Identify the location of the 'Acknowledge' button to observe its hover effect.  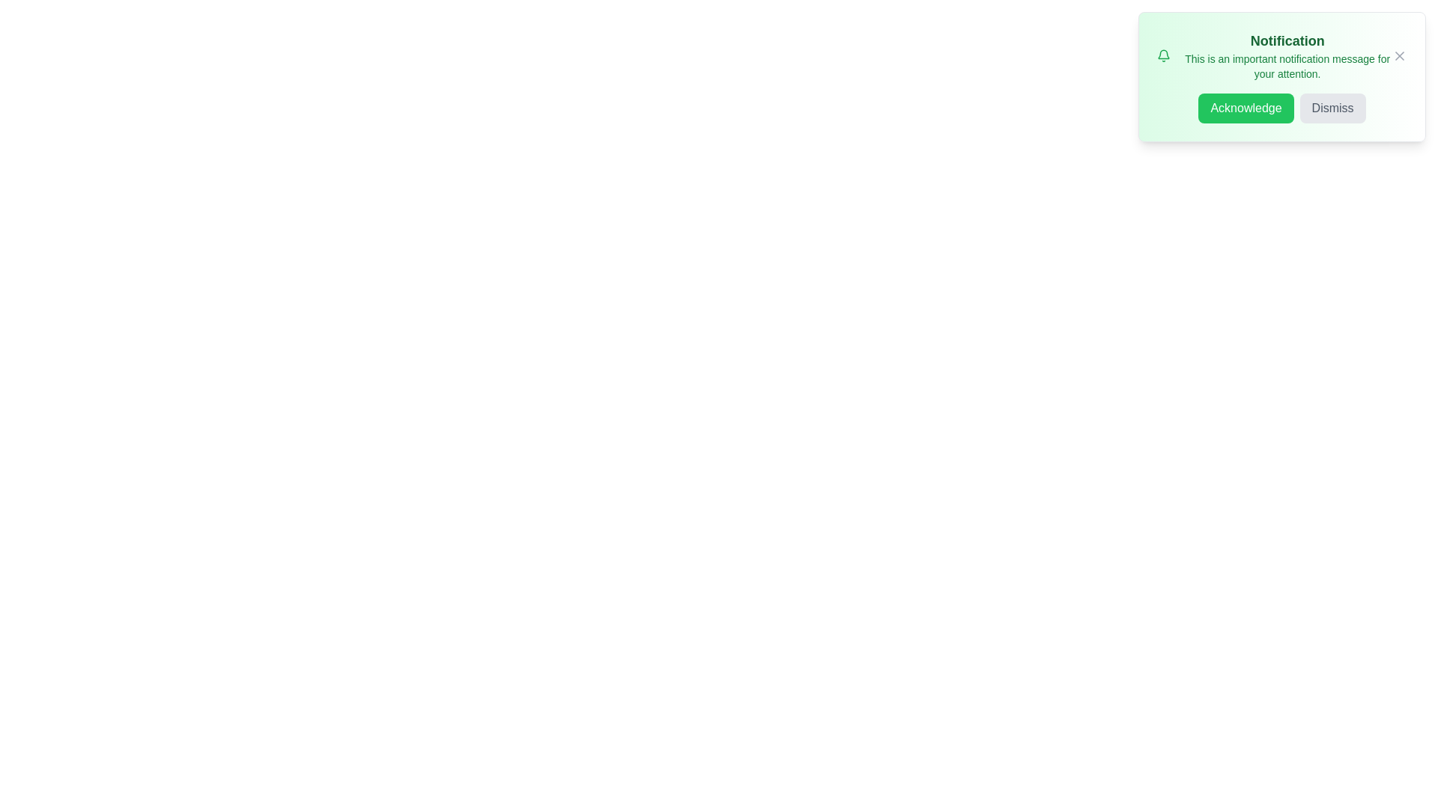
(1246, 108).